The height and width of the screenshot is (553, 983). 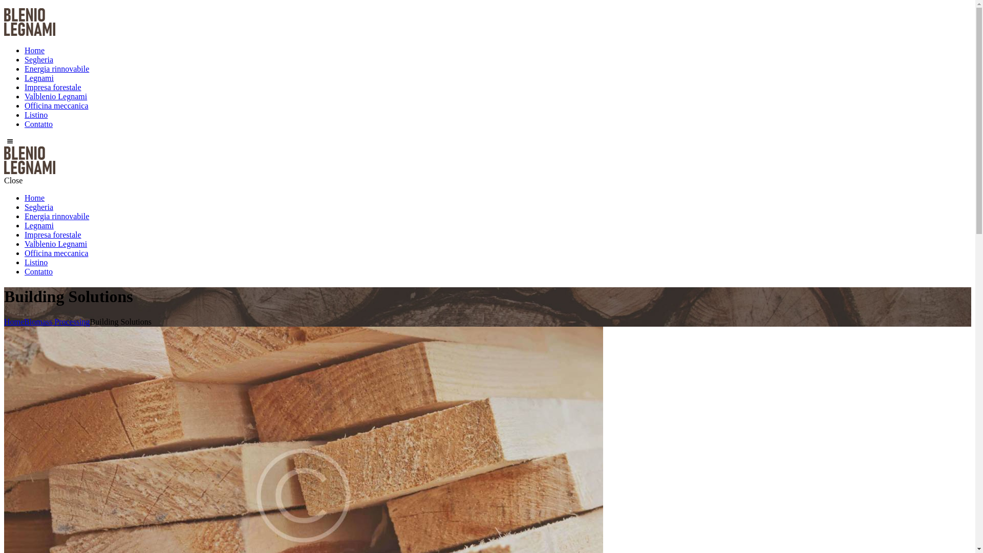 I want to click on 'Home', so click(x=34, y=198).